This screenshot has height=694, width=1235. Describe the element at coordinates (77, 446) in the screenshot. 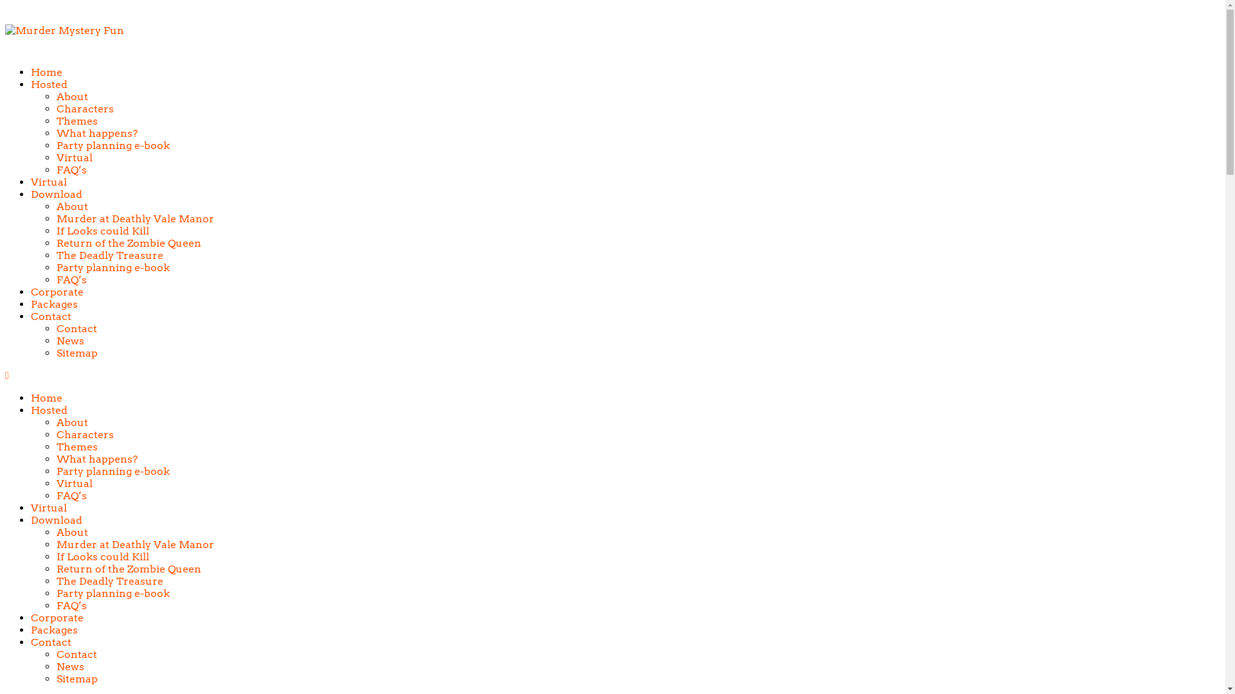

I see `'Themes'` at that location.